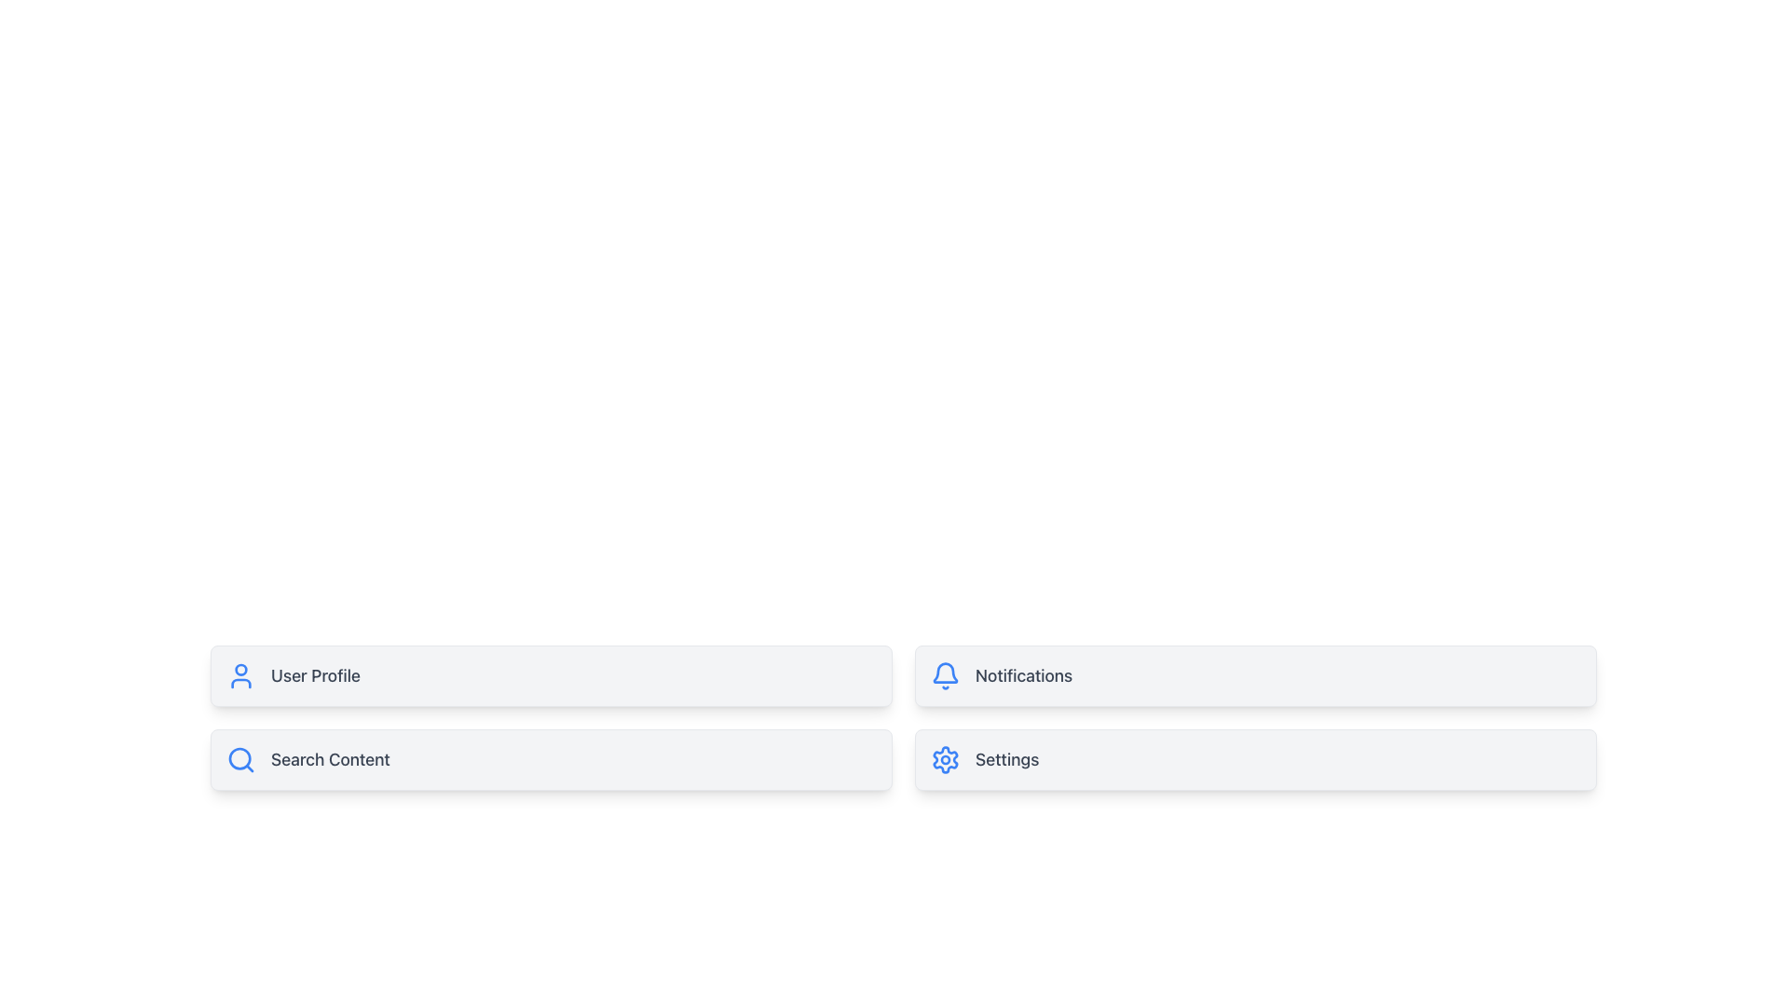 The width and height of the screenshot is (1789, 1006). Describe the element at coordinates (315, 675) in the screenshot. I see `the 'User Profile' text label, which is medium weight, large size, and gray in color, positioned to the right of a user icon` at that location.